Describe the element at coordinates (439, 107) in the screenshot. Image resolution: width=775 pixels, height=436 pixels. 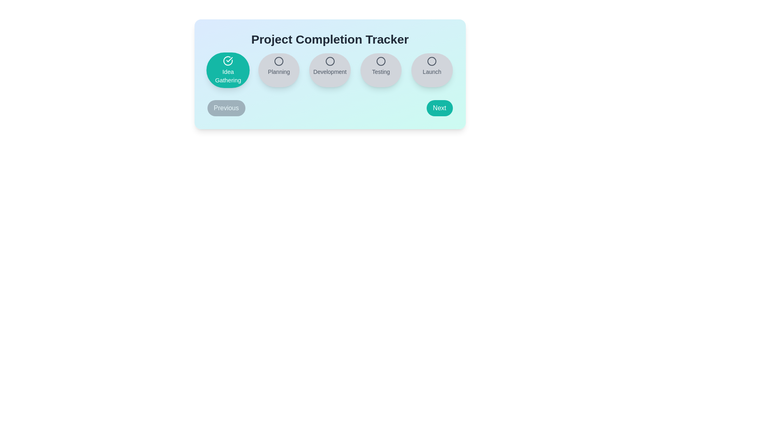
I see `the teal 'Next' button with white text` at that location.